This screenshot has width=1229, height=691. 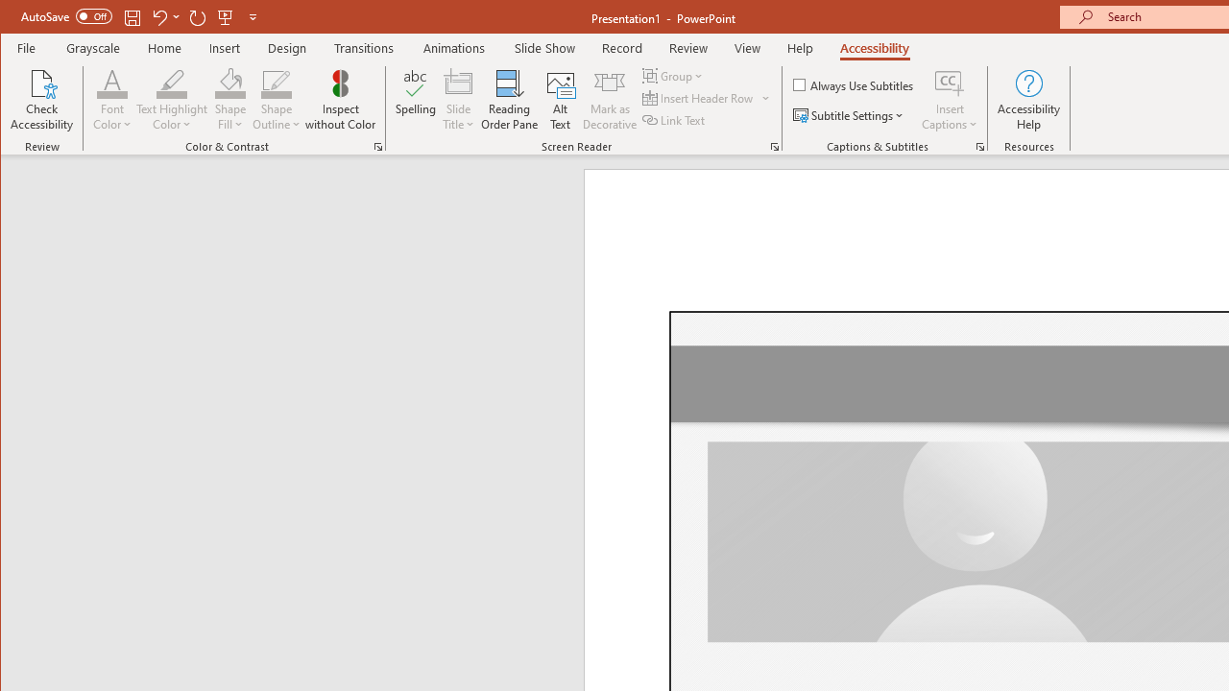 I want to click on 'Spelling...', so click(x=415, y=100).